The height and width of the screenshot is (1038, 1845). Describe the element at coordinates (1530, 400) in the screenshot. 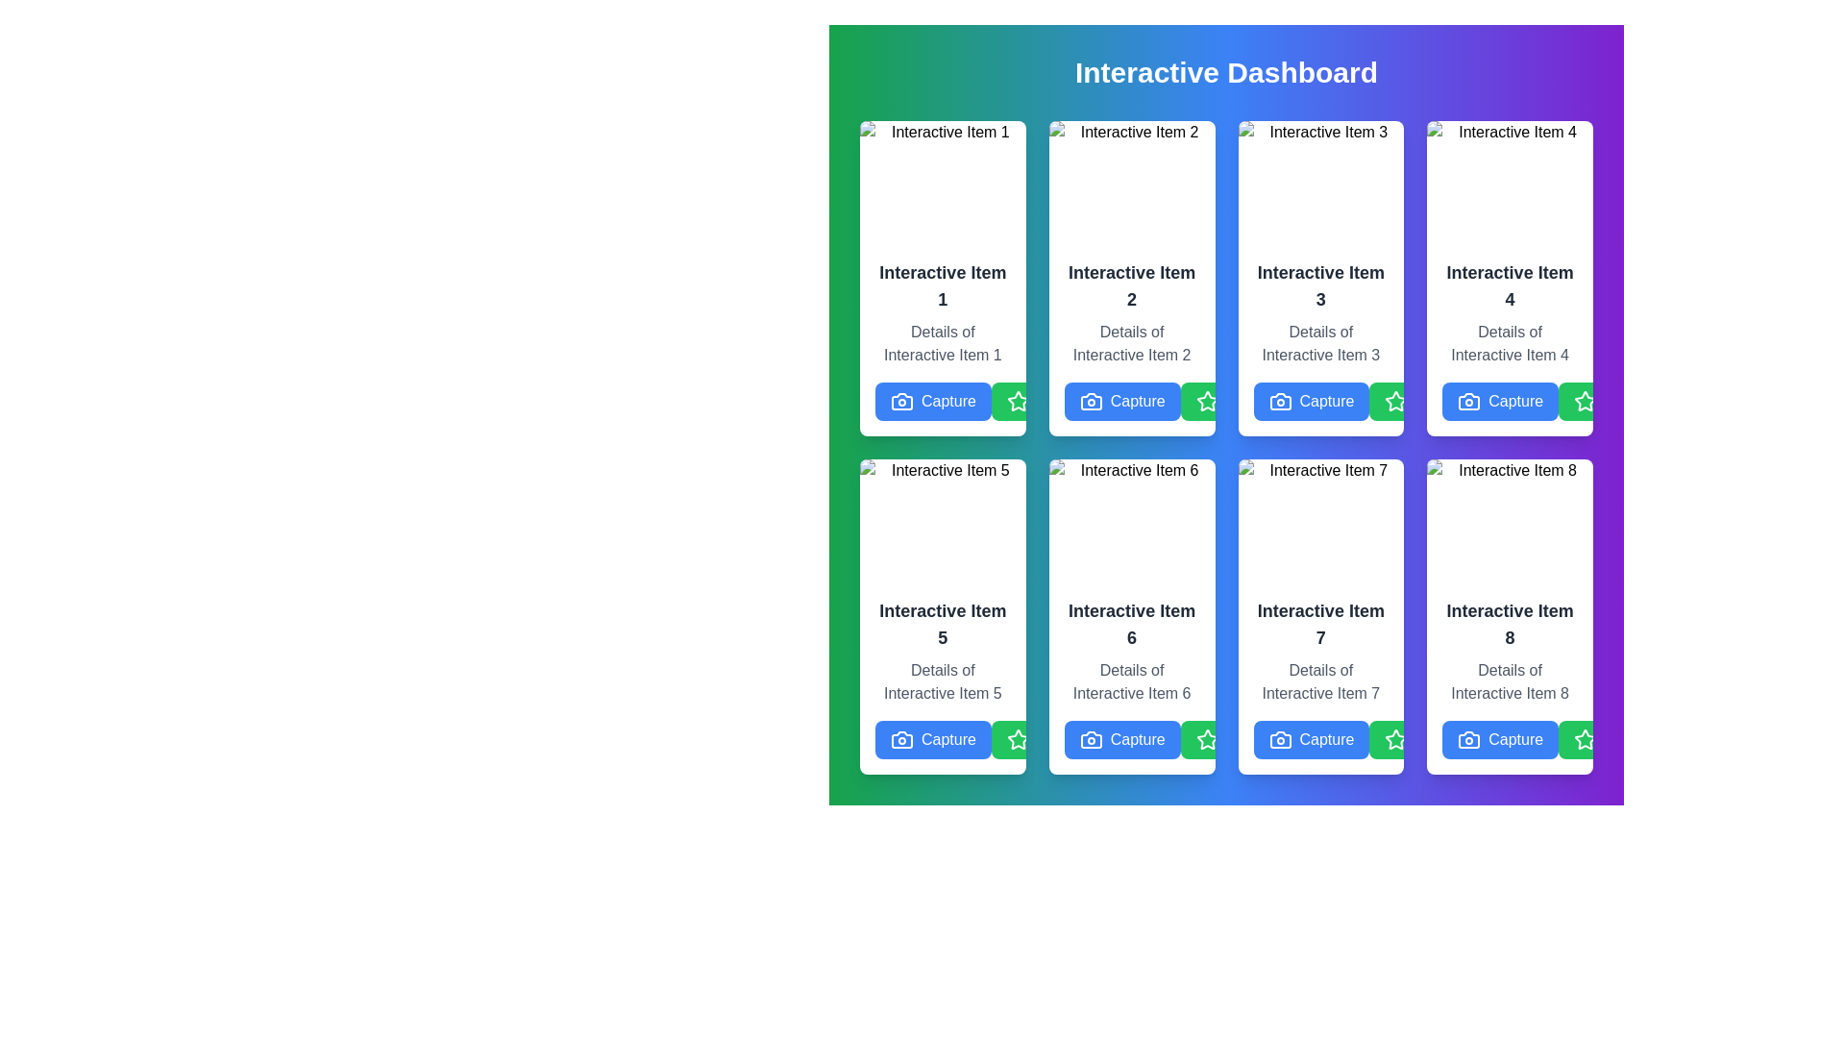

I see `the third button in the grid layout, located at the bottom-right corner of the card for 'Interactive Item 4'` at that location.